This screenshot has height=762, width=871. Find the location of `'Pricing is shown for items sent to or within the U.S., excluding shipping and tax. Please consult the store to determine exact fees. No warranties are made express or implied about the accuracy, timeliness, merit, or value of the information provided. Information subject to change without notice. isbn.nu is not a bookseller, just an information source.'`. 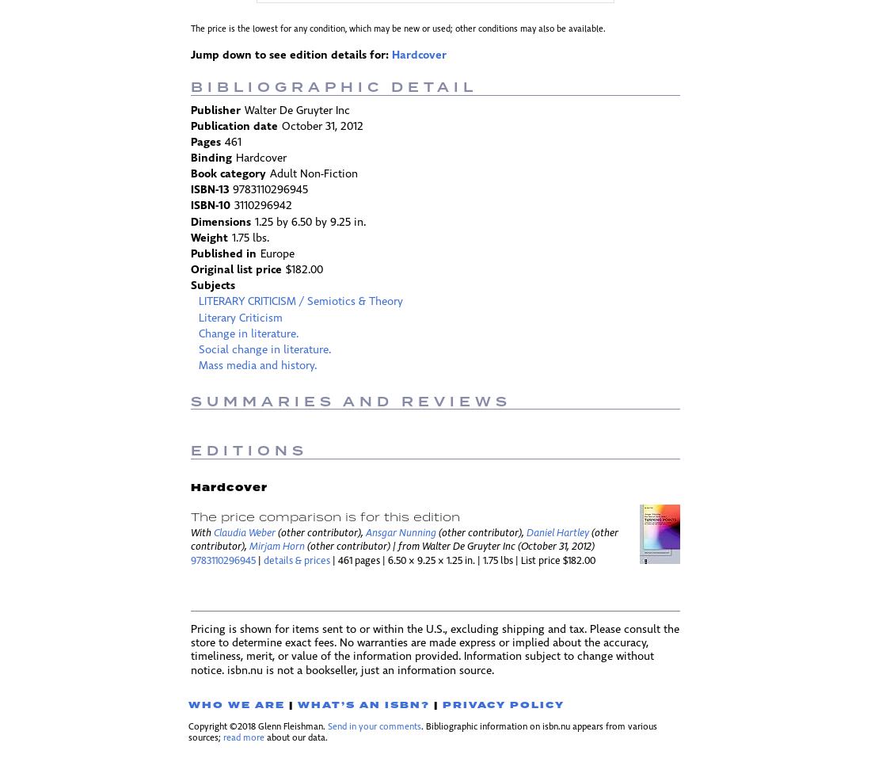

'Pricing is shown for items sent to or within the U.S., excluding shipping and tax. Please consult the store to determine exact fees. No warranties are made express or implied about the accuracy, timeliness, merit, or value of the information provided. Information subject to change without notice. isbn.nu is not a bookseller, just an information source.' is located at coordinates (191, 650).